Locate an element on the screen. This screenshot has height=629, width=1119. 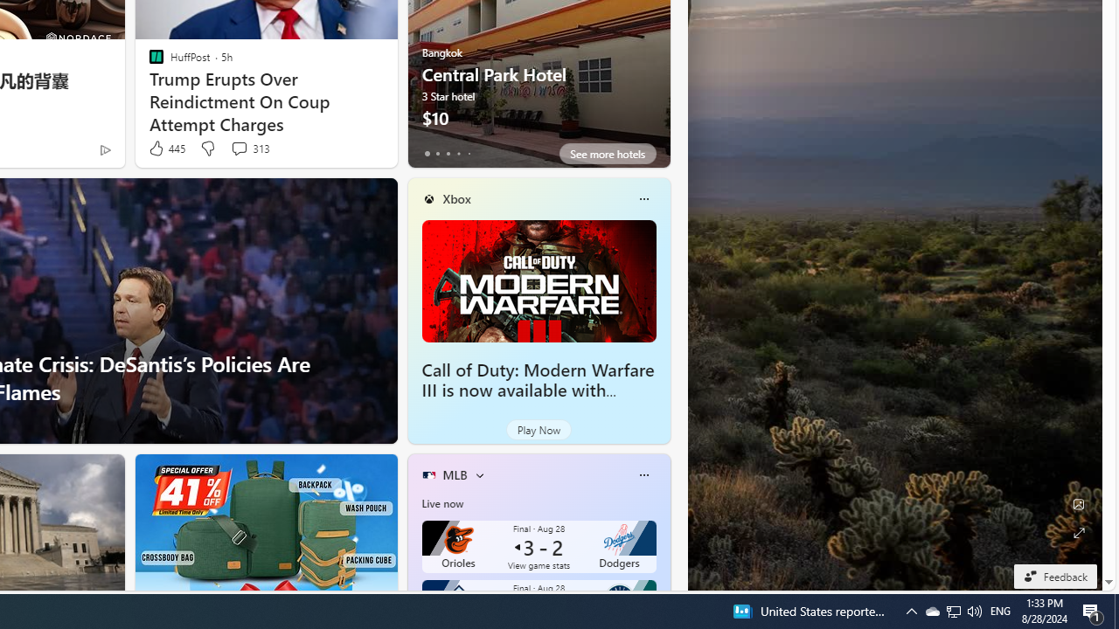
'tab-3' is located at coordinates (458, 153).